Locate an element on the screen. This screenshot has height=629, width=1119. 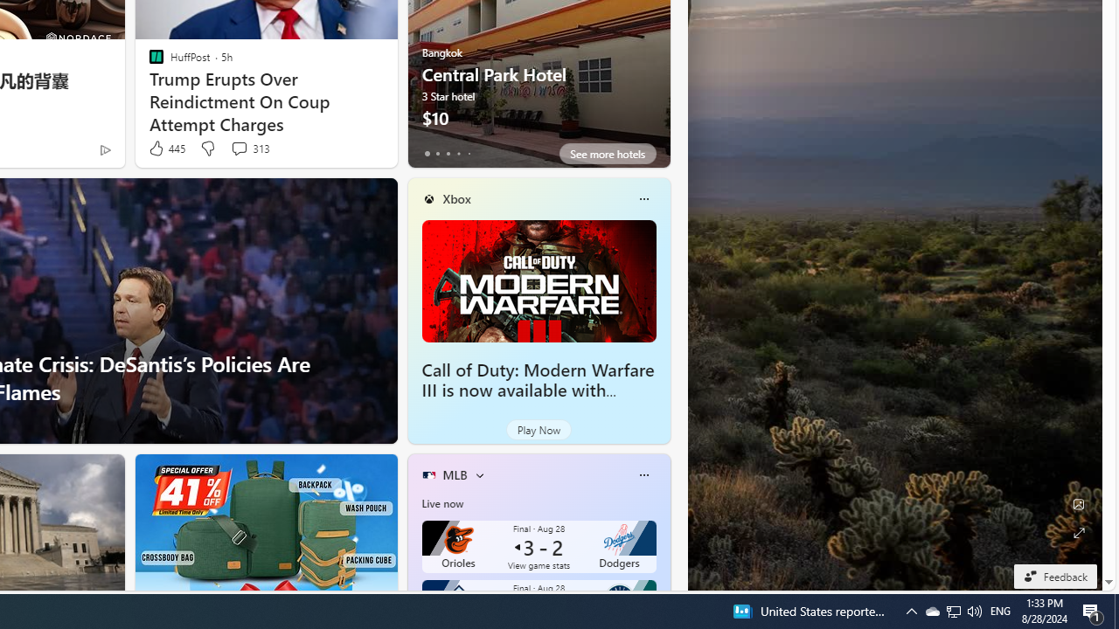
'tab-3' is located at coordinates (458, 153).